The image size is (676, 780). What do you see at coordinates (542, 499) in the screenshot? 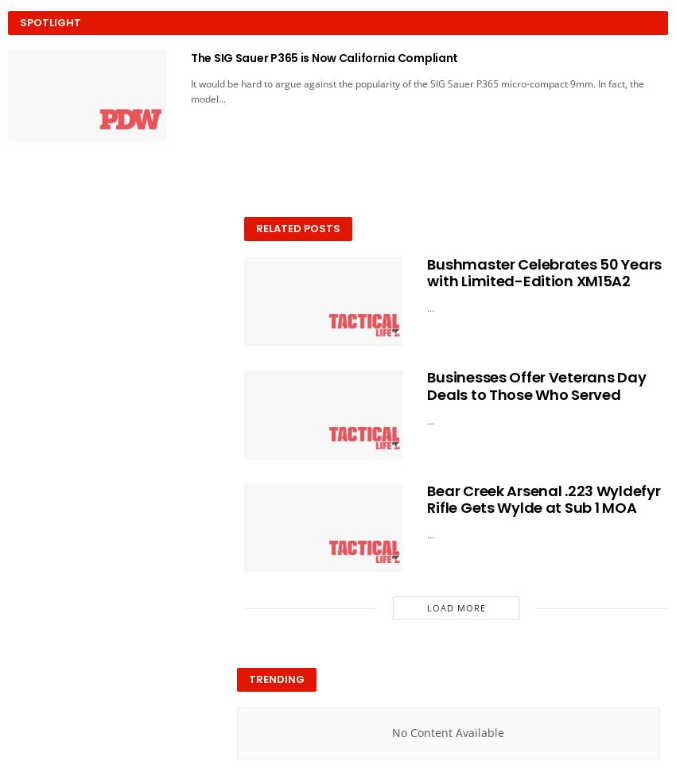
I see `'Bear Creek Arsenal .223 Wyldefyr Rifle Gets Wylde at Sub 1 MOA'` at bounding box center [542, 499].